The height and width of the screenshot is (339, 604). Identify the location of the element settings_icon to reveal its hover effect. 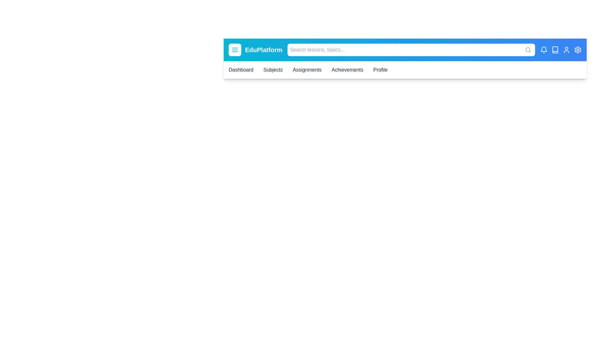
(578, 49).